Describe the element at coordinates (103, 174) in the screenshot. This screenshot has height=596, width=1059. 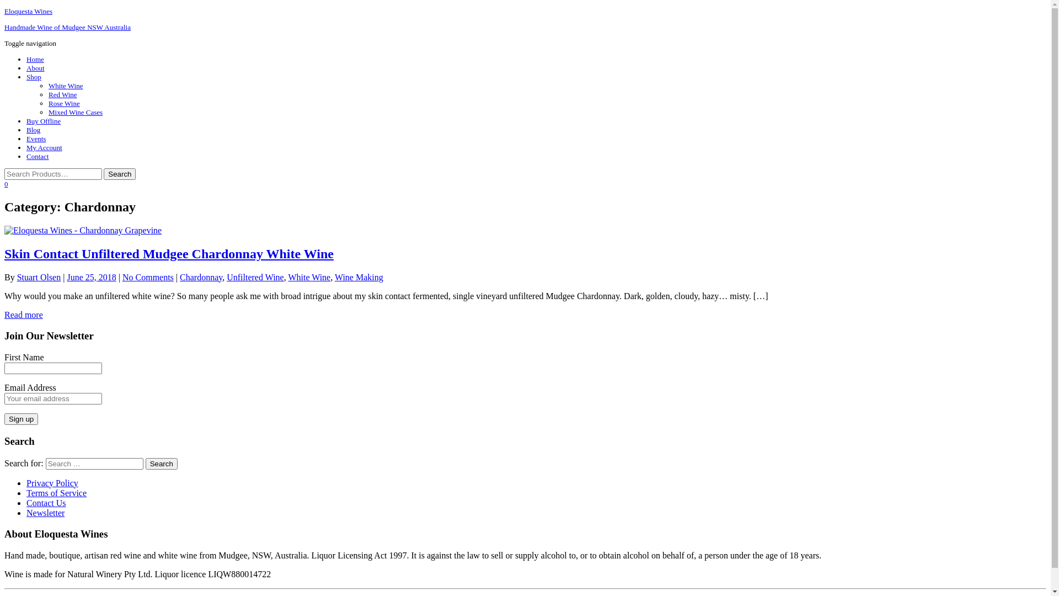
I see `'Search'` at that location.